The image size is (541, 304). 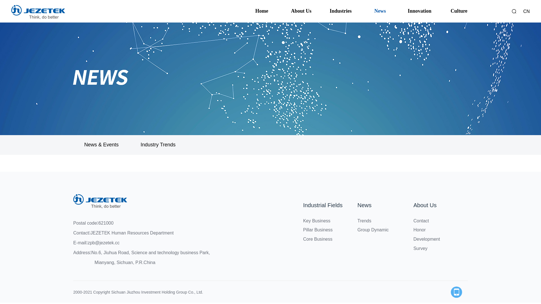 I want to click on 'Honor', so click(x=419, y=230).